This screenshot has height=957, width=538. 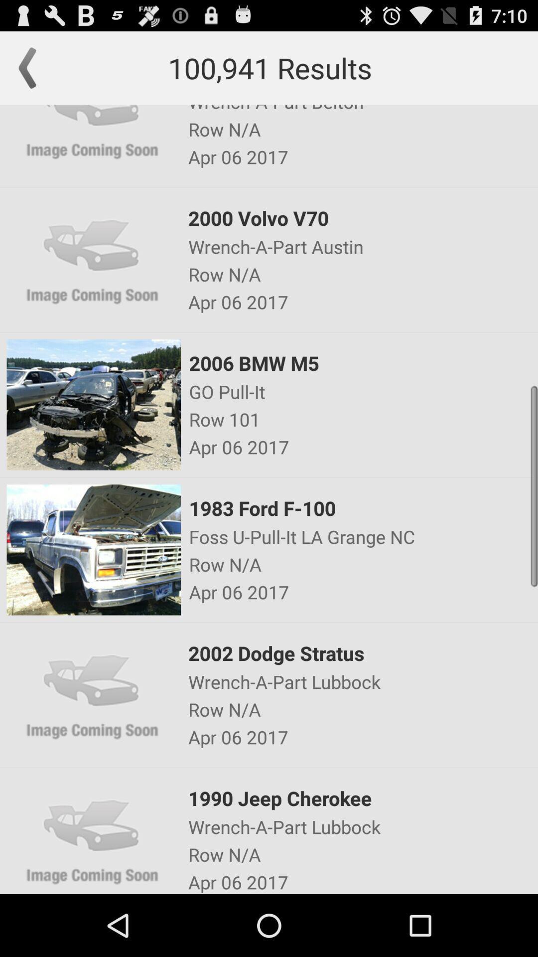 What do you see at coordinates (362, 653) in the screenshot?
I see `2002 dodge stratus` at bounding box center [362, 653].